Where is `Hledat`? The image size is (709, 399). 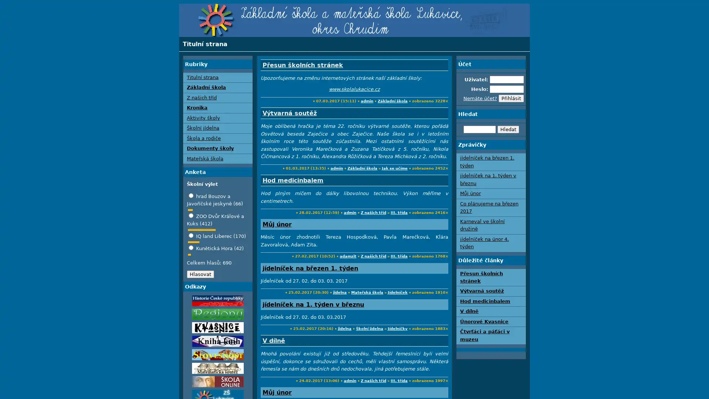
Hledat is located at coordinates (507, 129).